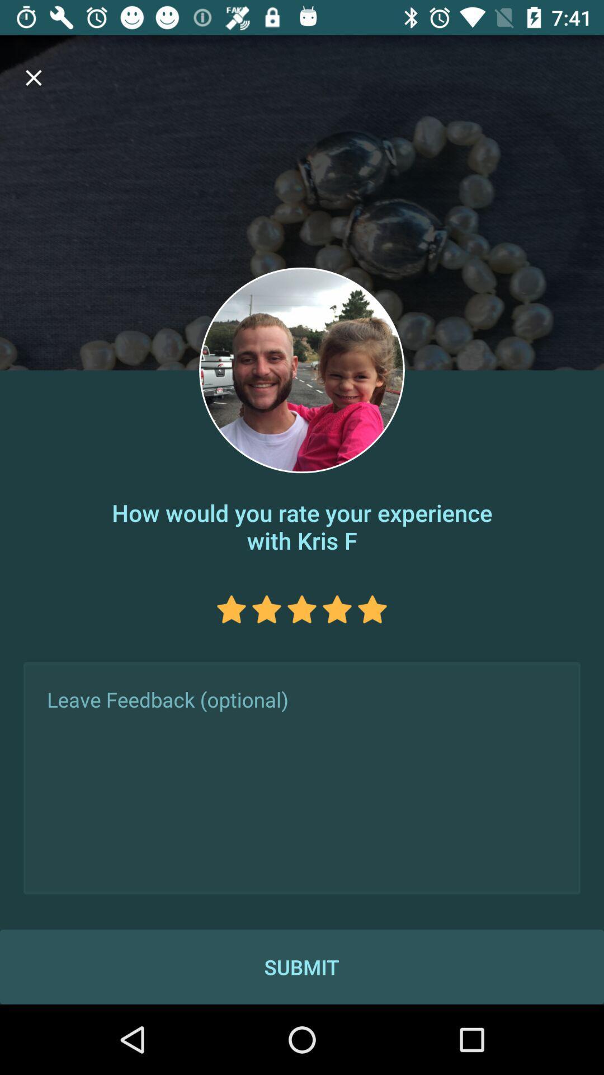  Describe the element at coordinates (302, 609) in the screenshot. I see `the star icon` at that location.